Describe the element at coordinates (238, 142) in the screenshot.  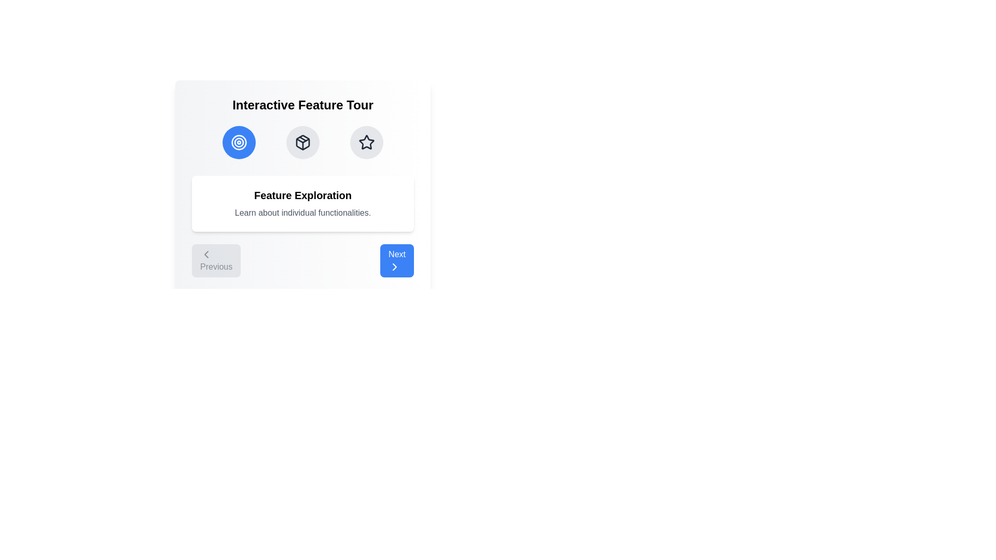
I see `the outermost circular shape of the target icon, which is the first icon in a row of three concentric circles located at the upper left part of the main interface` at that location.